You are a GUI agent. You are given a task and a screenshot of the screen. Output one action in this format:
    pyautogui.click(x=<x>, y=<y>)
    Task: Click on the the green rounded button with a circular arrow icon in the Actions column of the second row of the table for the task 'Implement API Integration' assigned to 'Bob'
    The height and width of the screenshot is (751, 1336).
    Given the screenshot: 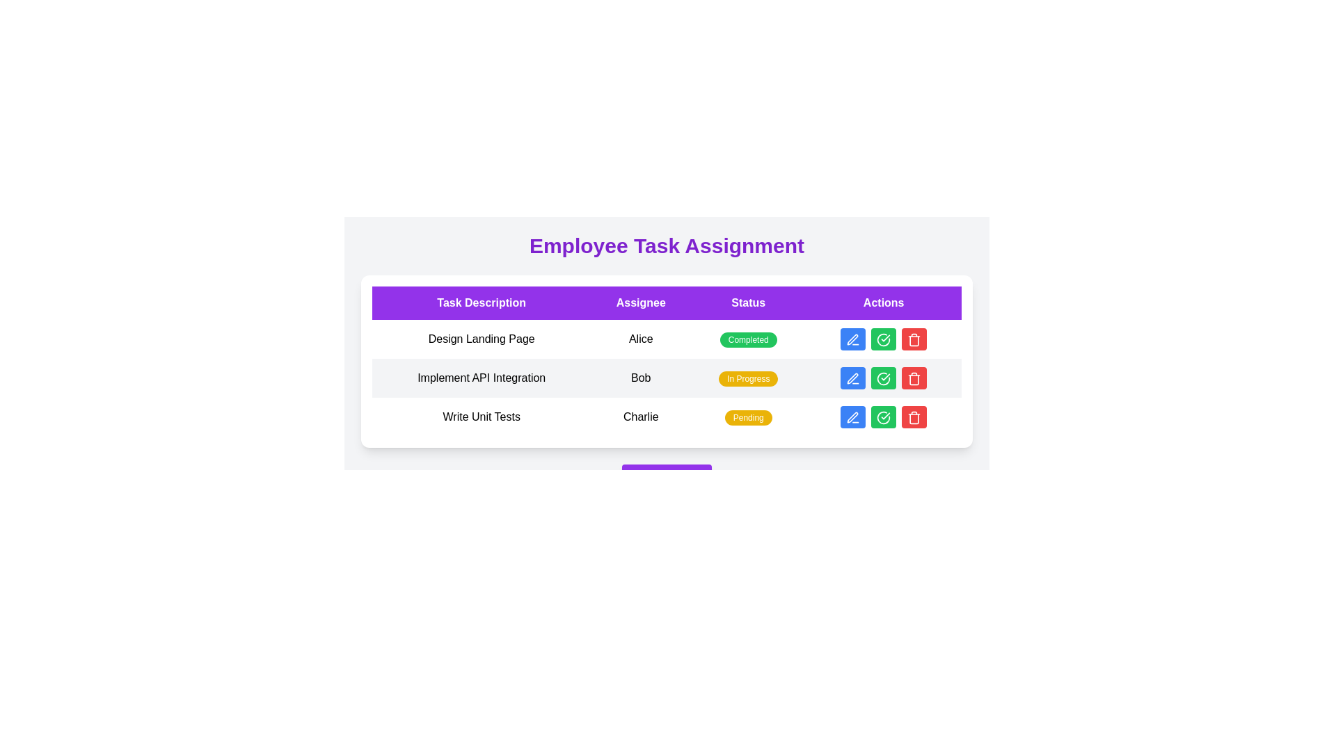 What is the action you would take?
    pyautogui.click(x=883, y=378)
    